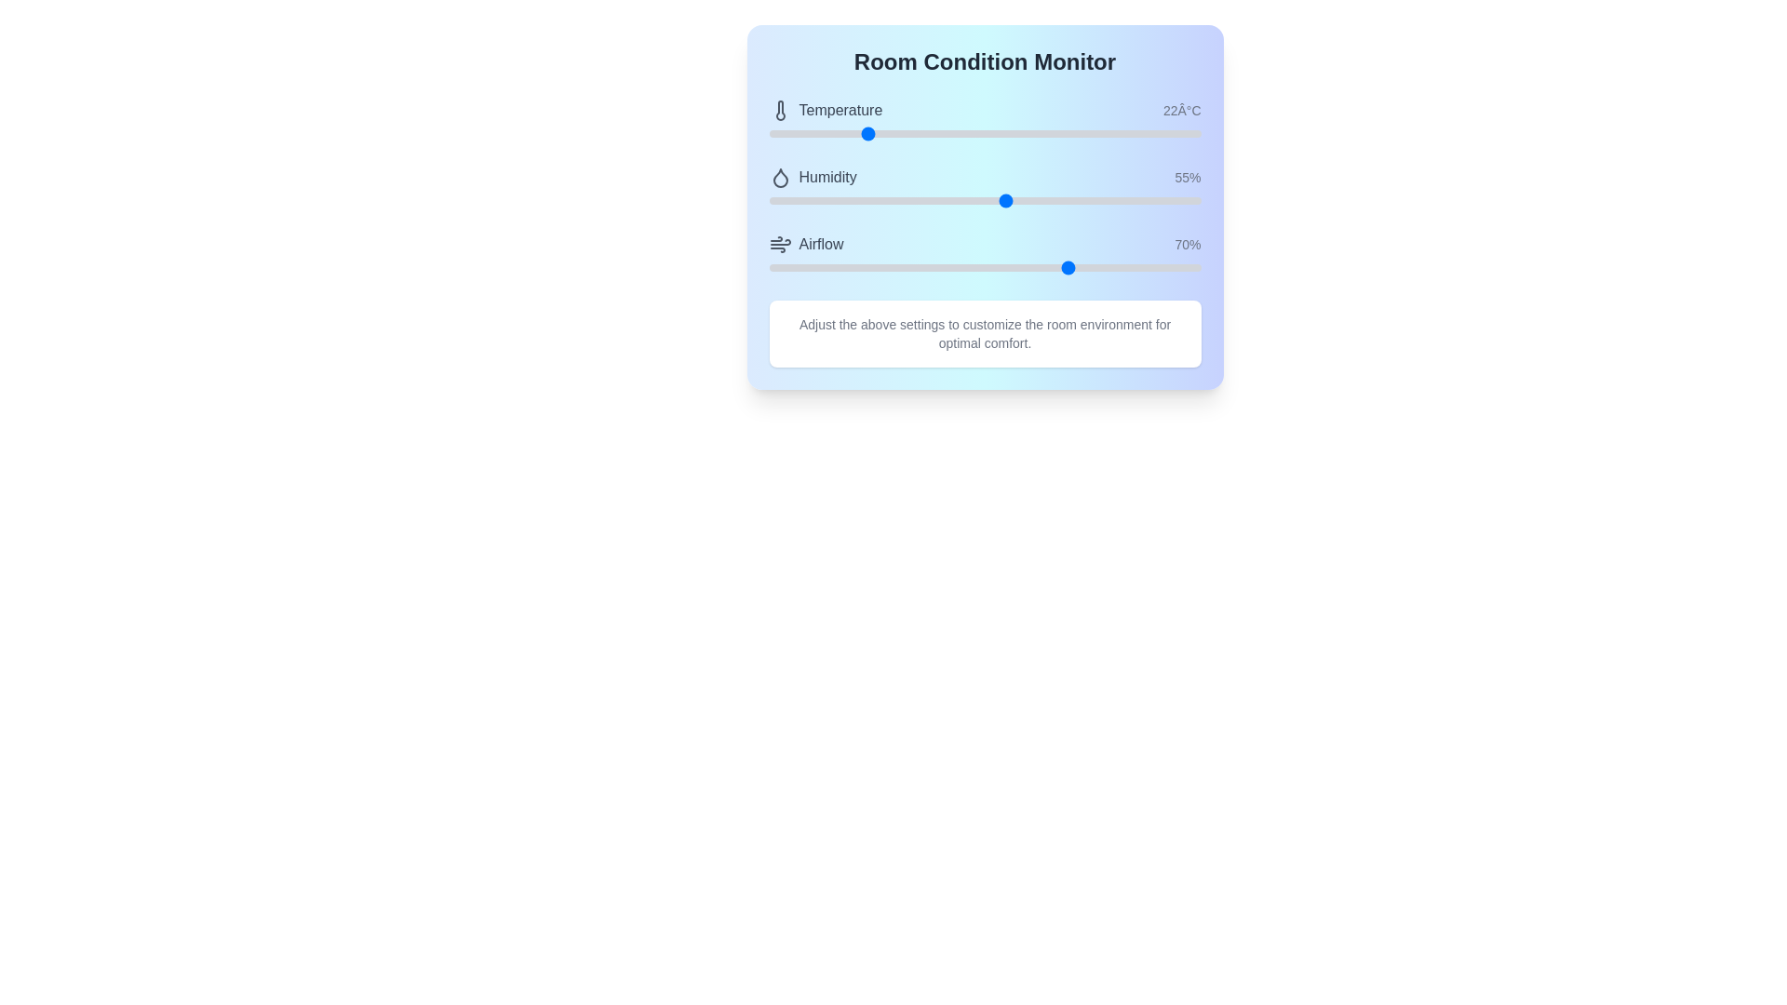  I want to click on the wind icon, which is styled with thin, curved dark gray lines and positioned to the left of the 'Airflow' text in the third horizontal group under the 'Room Condition Monitor' header, so click(780, 243).